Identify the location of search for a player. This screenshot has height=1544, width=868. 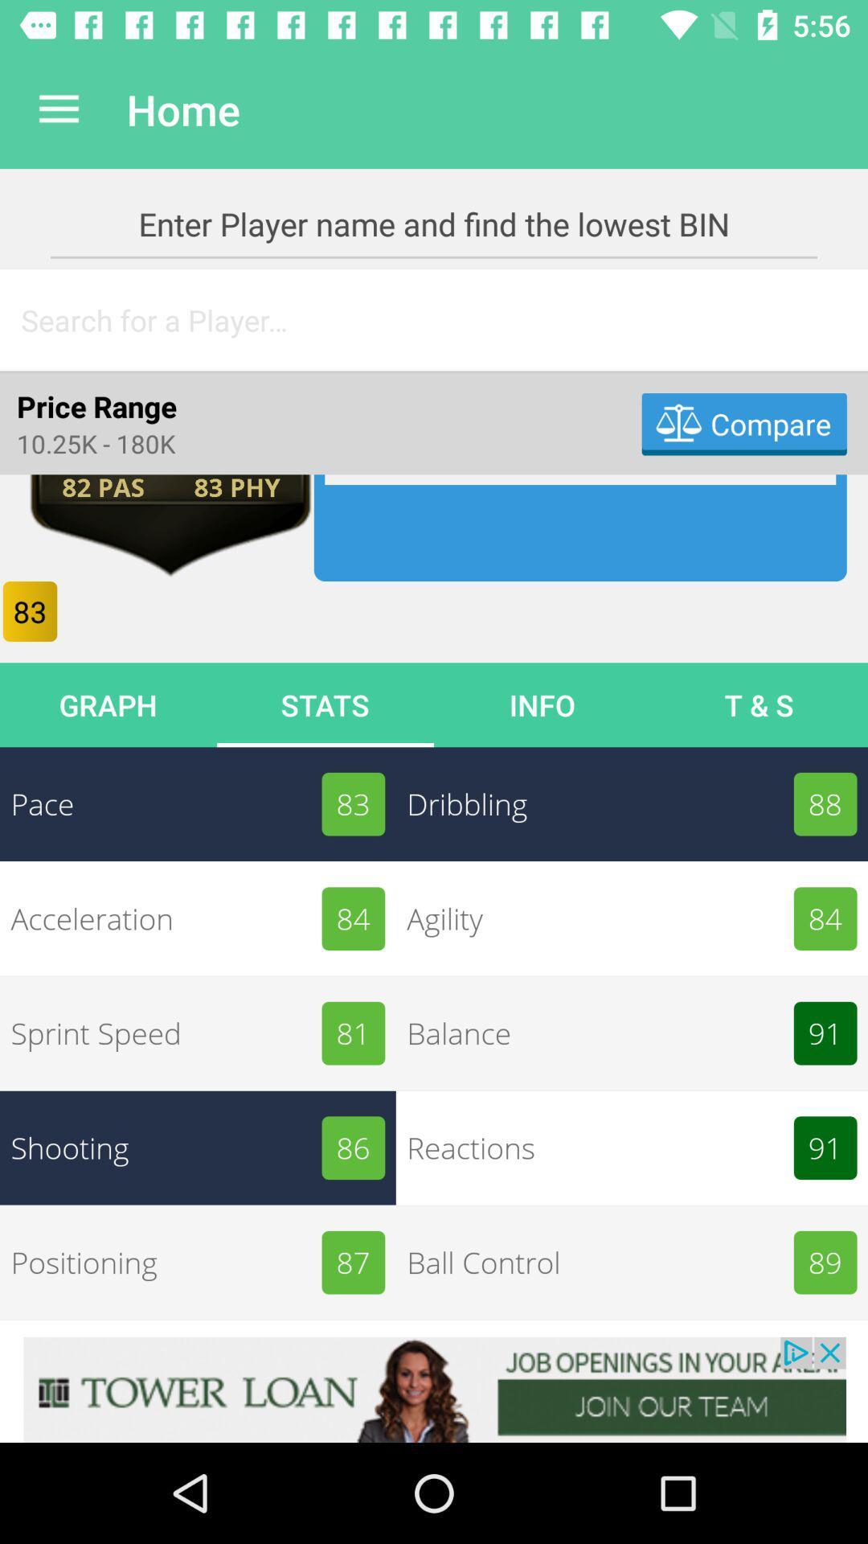
(434, 320).